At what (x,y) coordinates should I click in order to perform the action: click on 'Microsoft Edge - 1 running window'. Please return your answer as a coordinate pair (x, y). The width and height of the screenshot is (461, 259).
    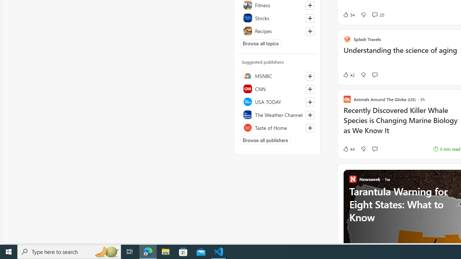
    Looking at the image, I should click on (148, 251).